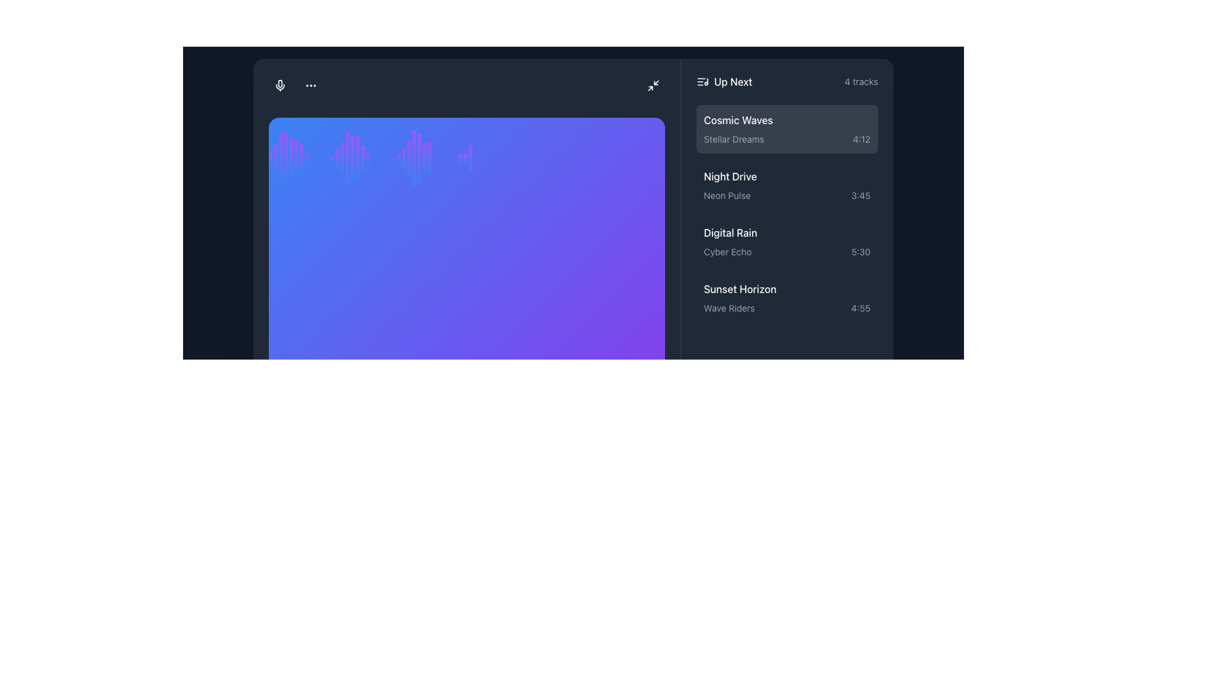 Image resolution: width=1229 pixels, height=691 pixels. I want to click on the 29th visual waveform bar, so click(408, 157).